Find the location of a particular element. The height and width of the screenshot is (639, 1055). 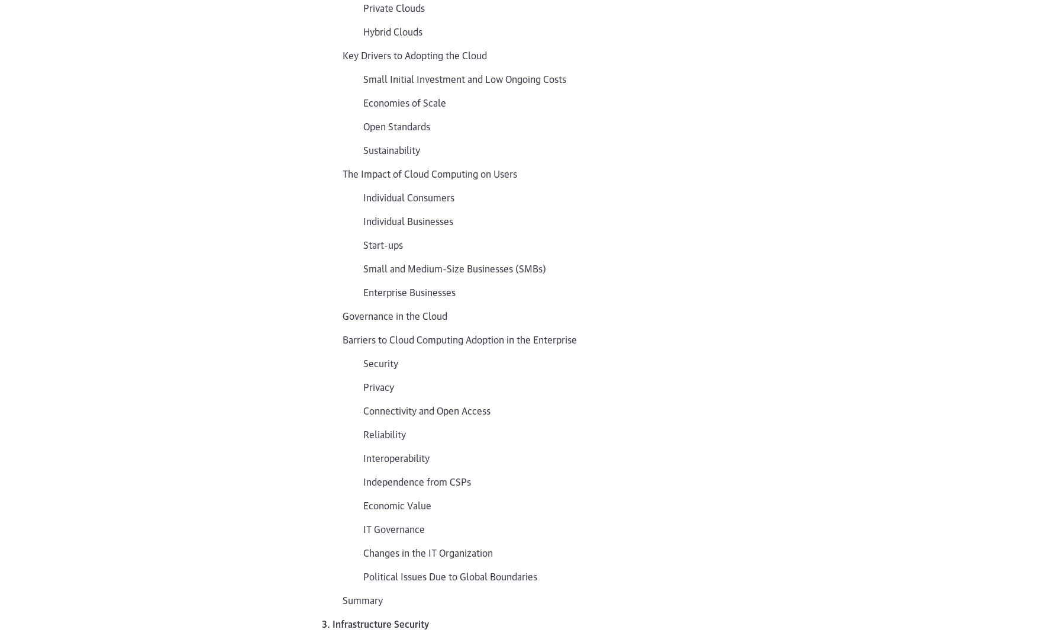

'Sustainability' is located at coordinates (392, 149).